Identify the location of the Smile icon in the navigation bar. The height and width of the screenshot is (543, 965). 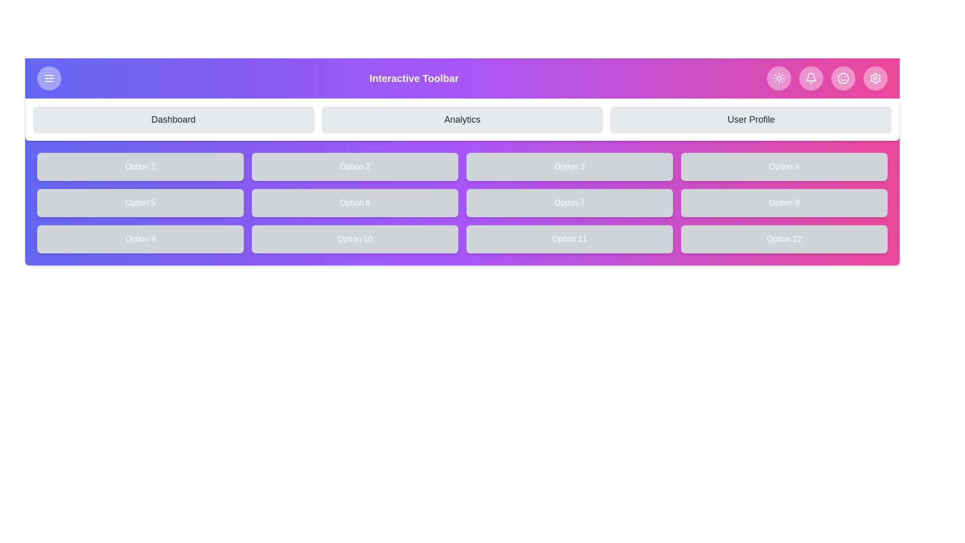
(843, 77).